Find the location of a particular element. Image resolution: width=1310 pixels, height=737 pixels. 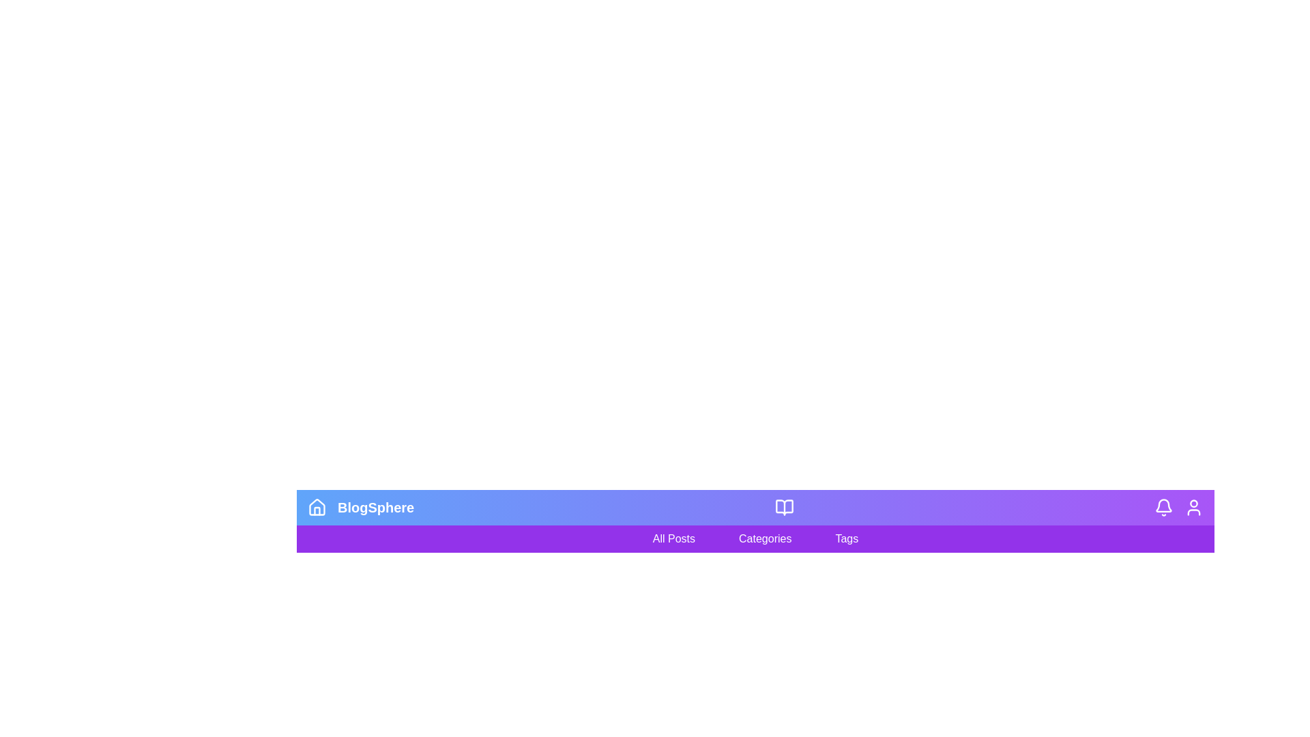

the 'User' icon to access the user profile is located at coordinates (1193, 508).